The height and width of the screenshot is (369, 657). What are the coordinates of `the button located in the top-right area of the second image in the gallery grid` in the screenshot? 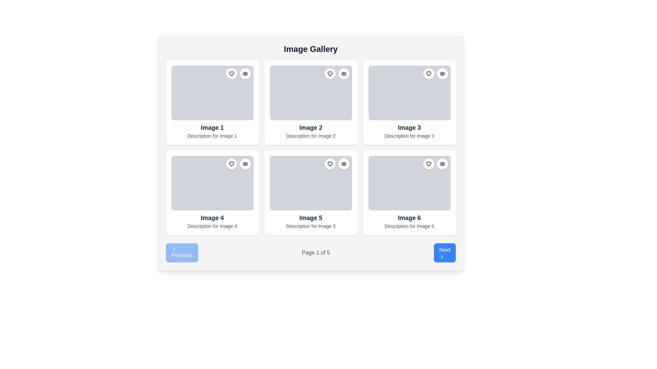 It's located at (344, 74).